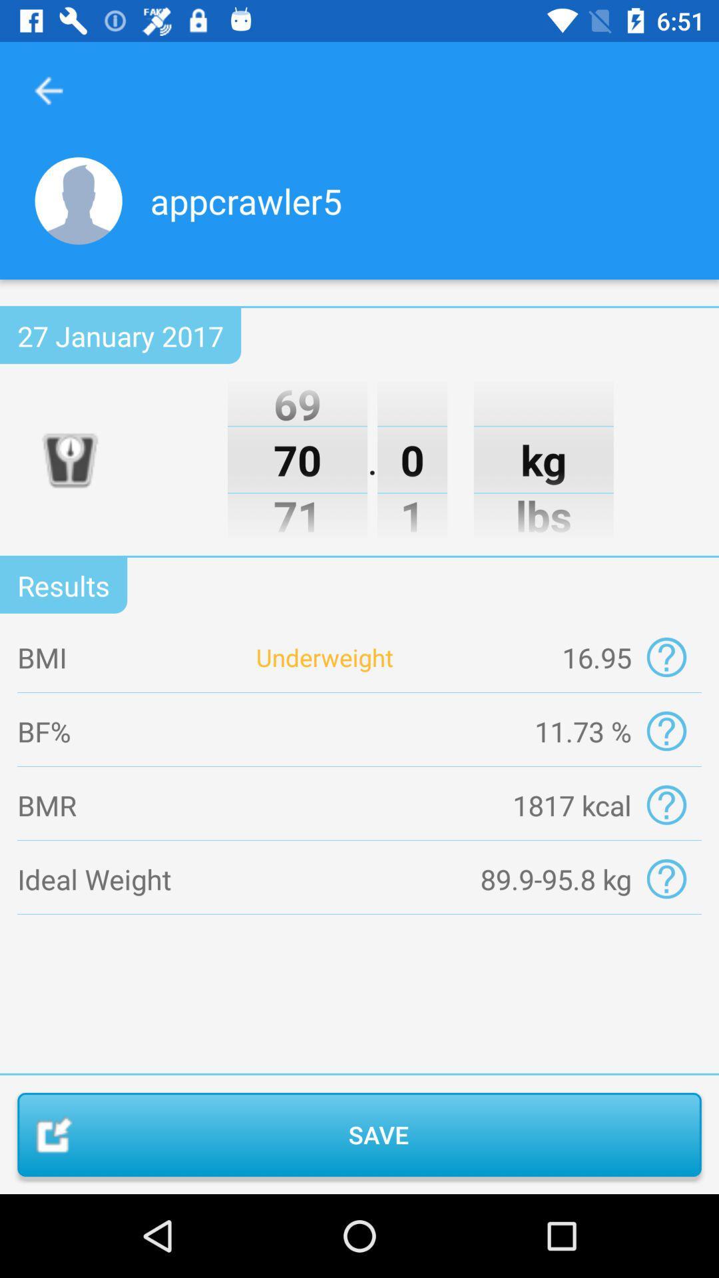 This screenshot has height=1278, width=719. I want to click on ideal weight calculator, so click(666, 879).